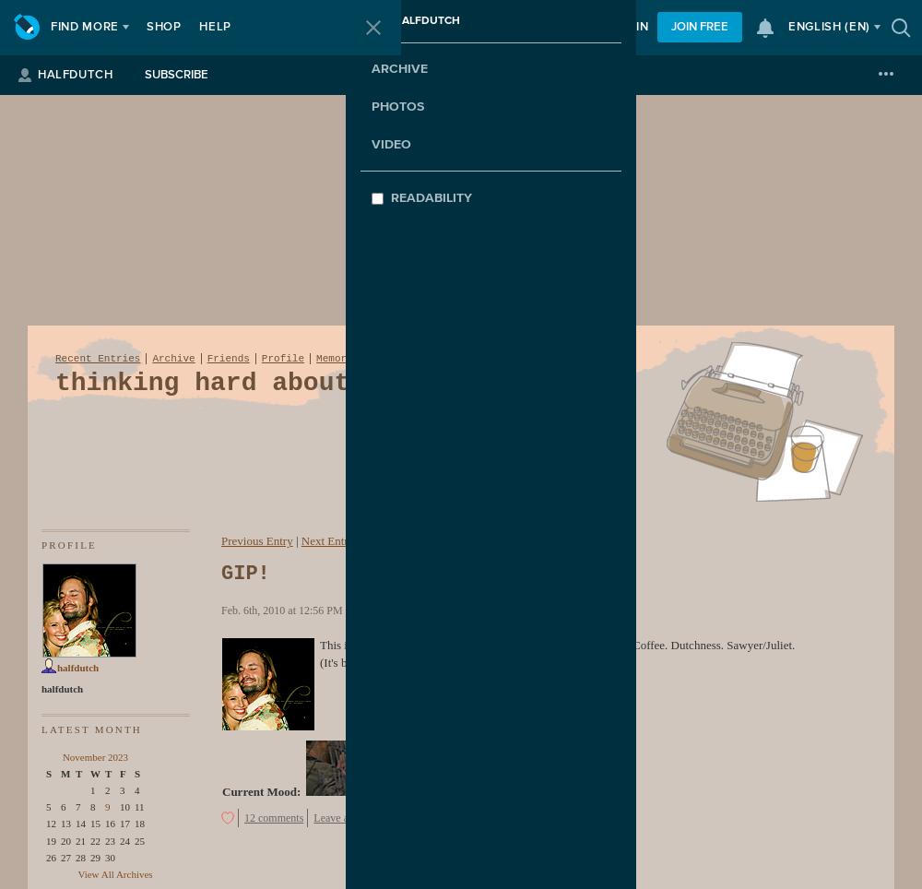  What do you see at coordinates (245, 574) in the screenshot?
I see `'GIP!'` at bounding box center [245, 574].